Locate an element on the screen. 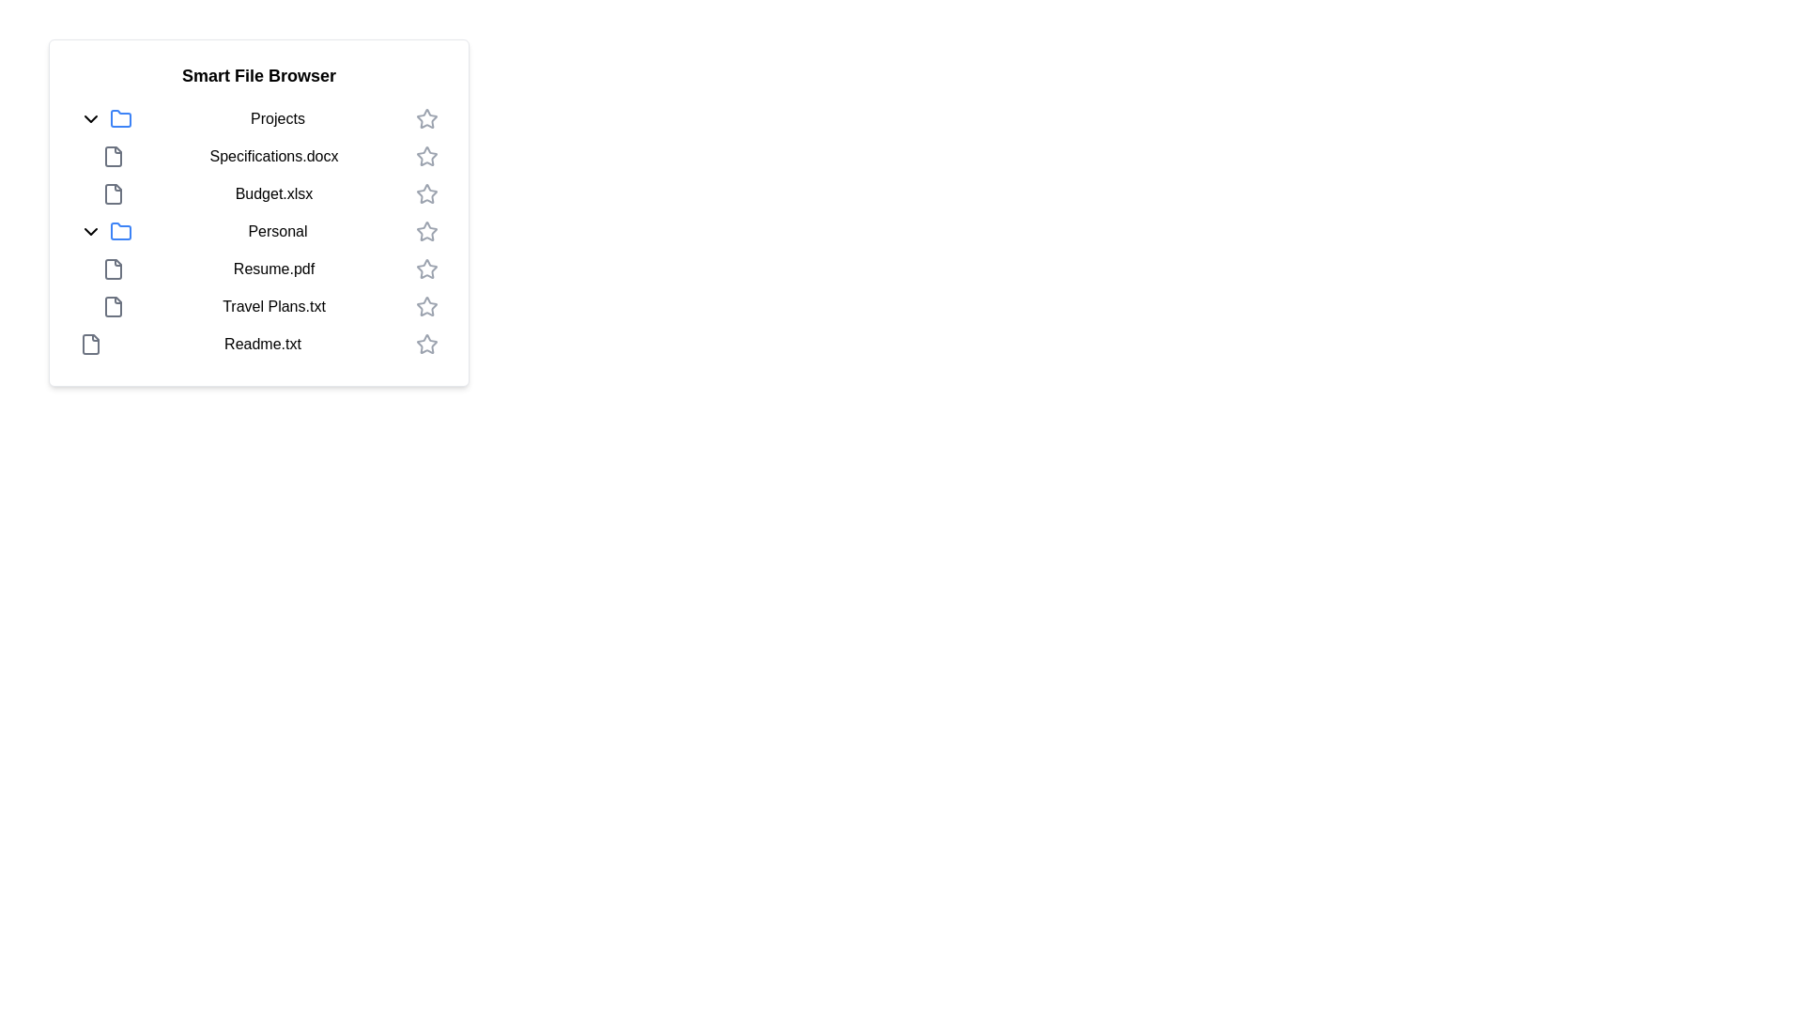 The width and height of the screenshot is (1803, 1014). the downward-facing chevron icon next to the 'Personal' text is located at coordinates (89, 230).